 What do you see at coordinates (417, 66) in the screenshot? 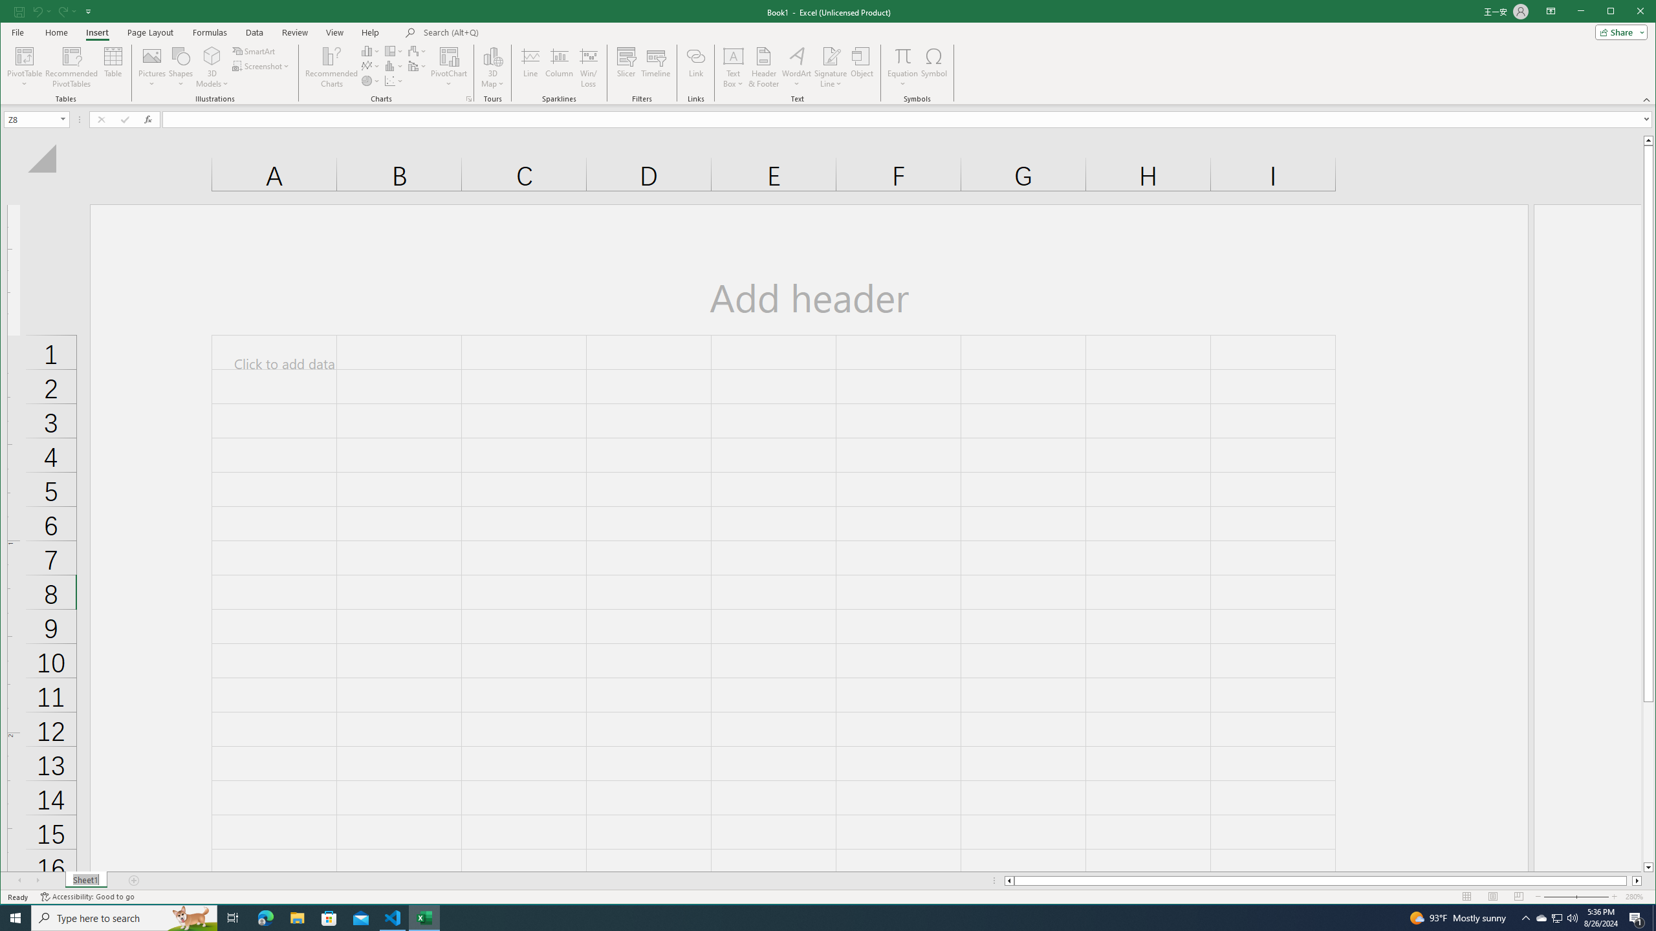
I see `'Insert Combo Chart'` at bounding box center [417, 66].